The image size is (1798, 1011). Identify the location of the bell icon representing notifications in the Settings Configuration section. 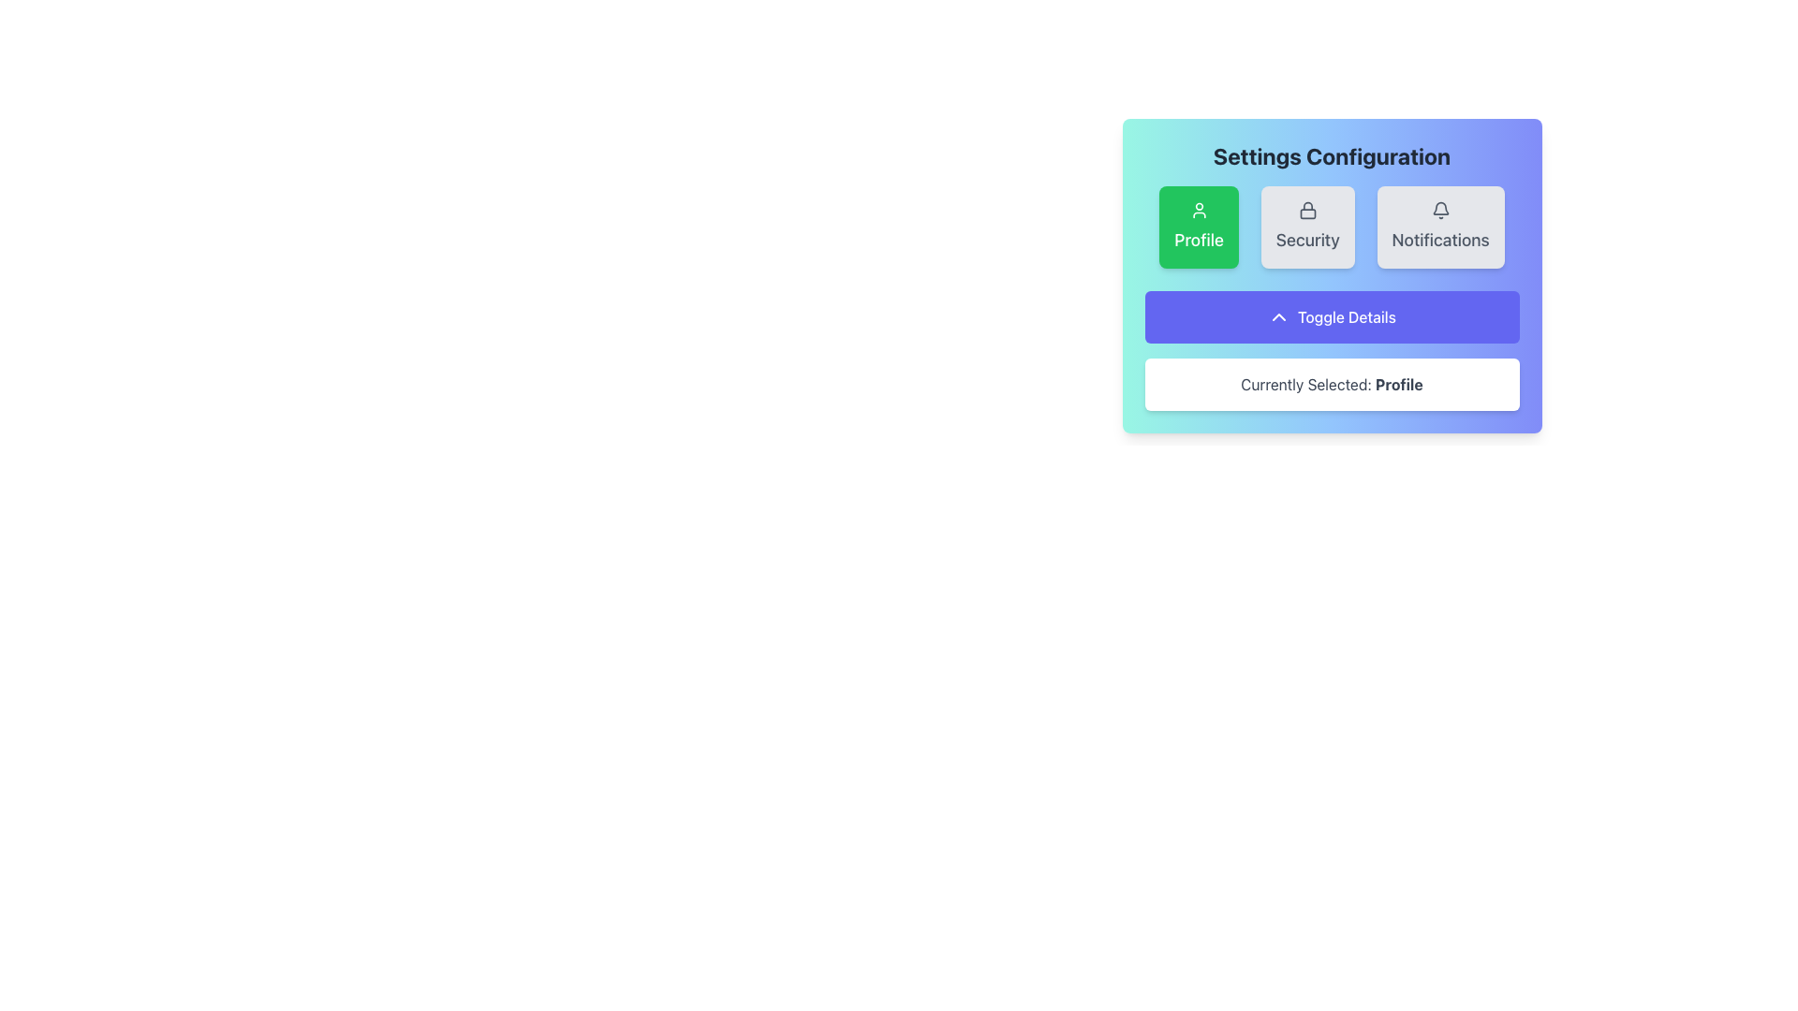
(1438, 208).